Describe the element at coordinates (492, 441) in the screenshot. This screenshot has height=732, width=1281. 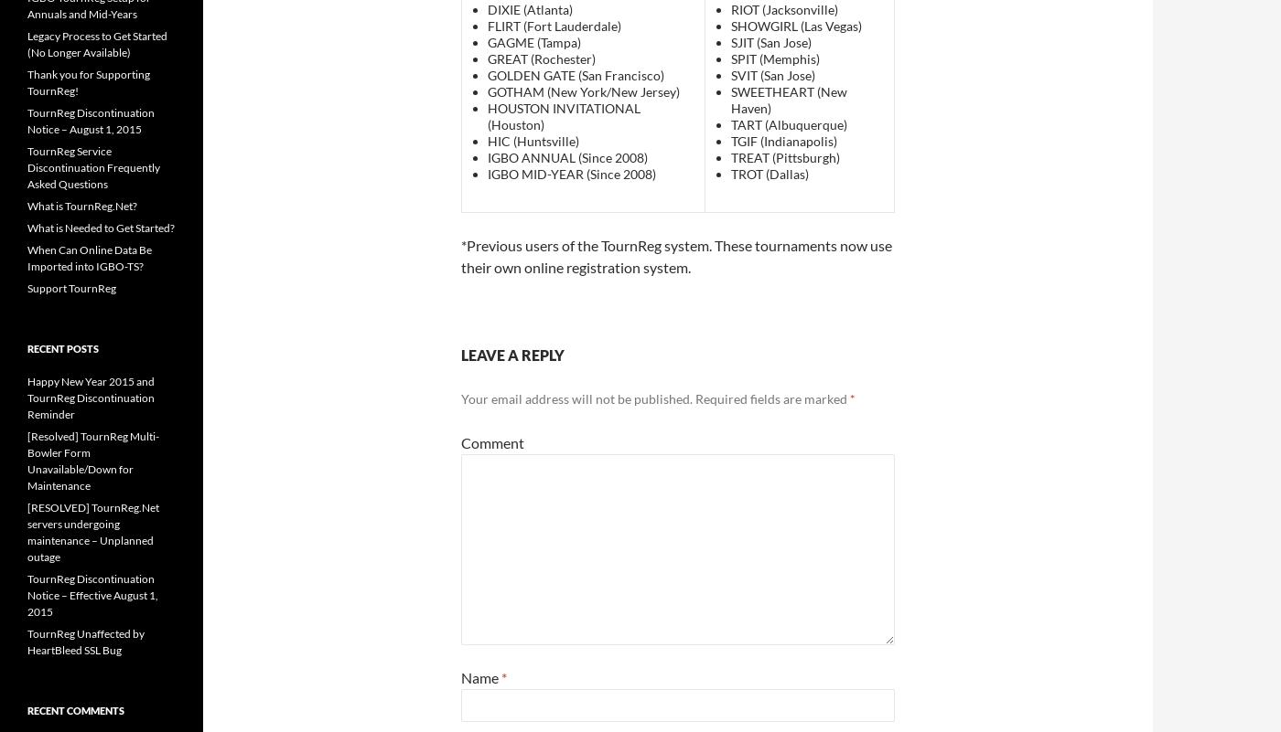
I see `'Comment'` at that location.